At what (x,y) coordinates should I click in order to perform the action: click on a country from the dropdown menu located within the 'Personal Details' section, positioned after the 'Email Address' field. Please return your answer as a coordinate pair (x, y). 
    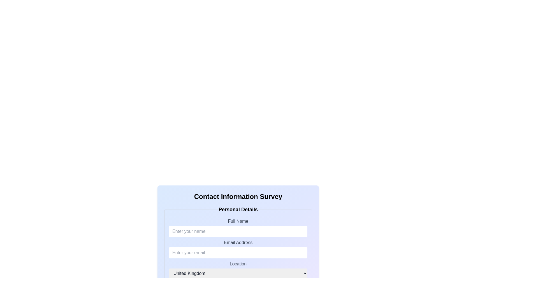
    Looking at the image, I should click on (238, 269).